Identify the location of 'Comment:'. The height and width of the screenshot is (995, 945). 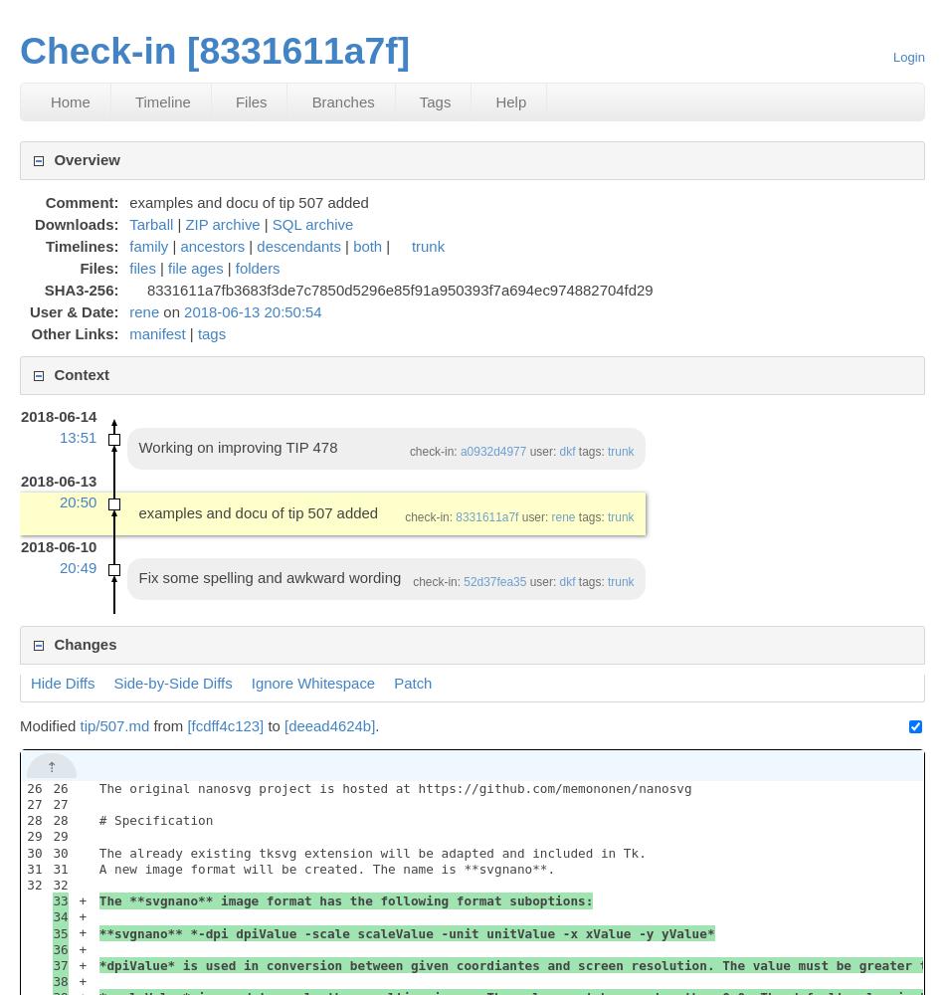
(45, 200).